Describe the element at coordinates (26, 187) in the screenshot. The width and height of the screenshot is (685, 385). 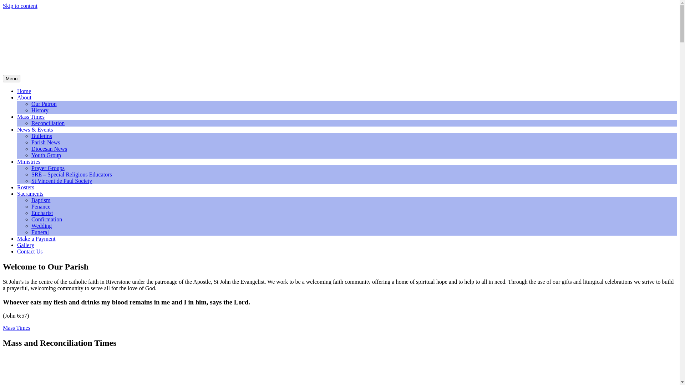
I see `'Rosters'` at that location.